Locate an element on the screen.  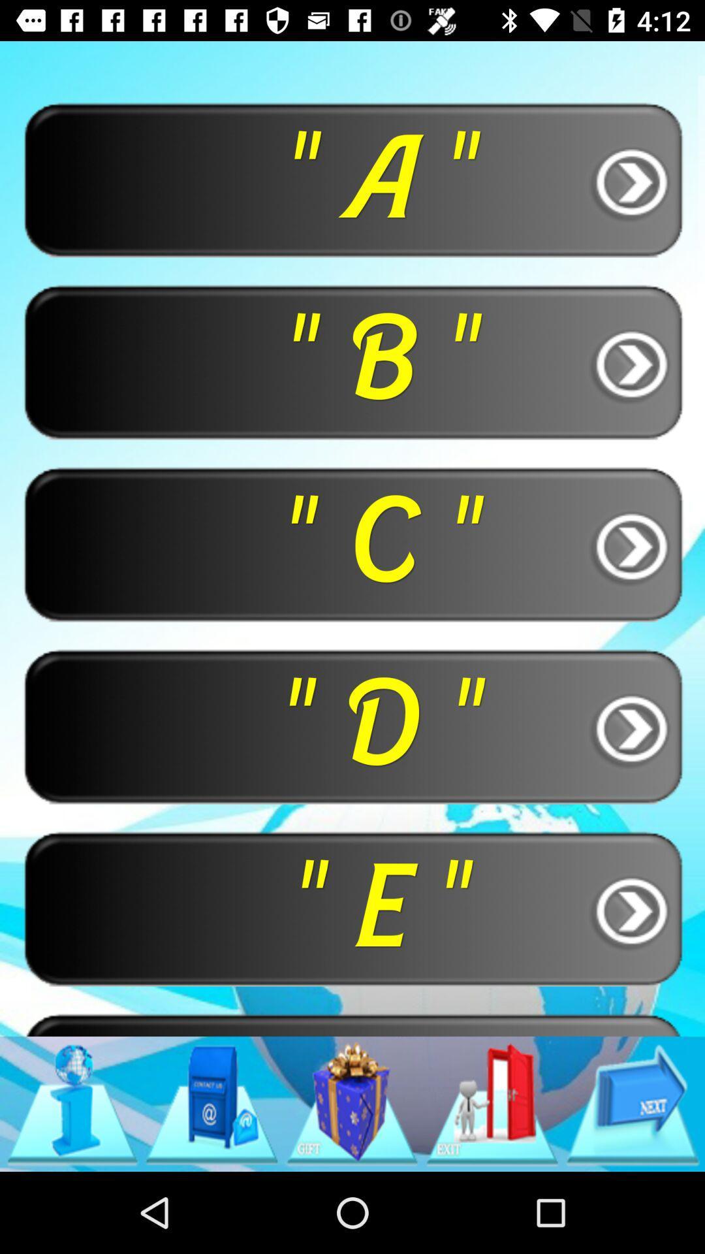
next is located at coordinates (632, 1103).